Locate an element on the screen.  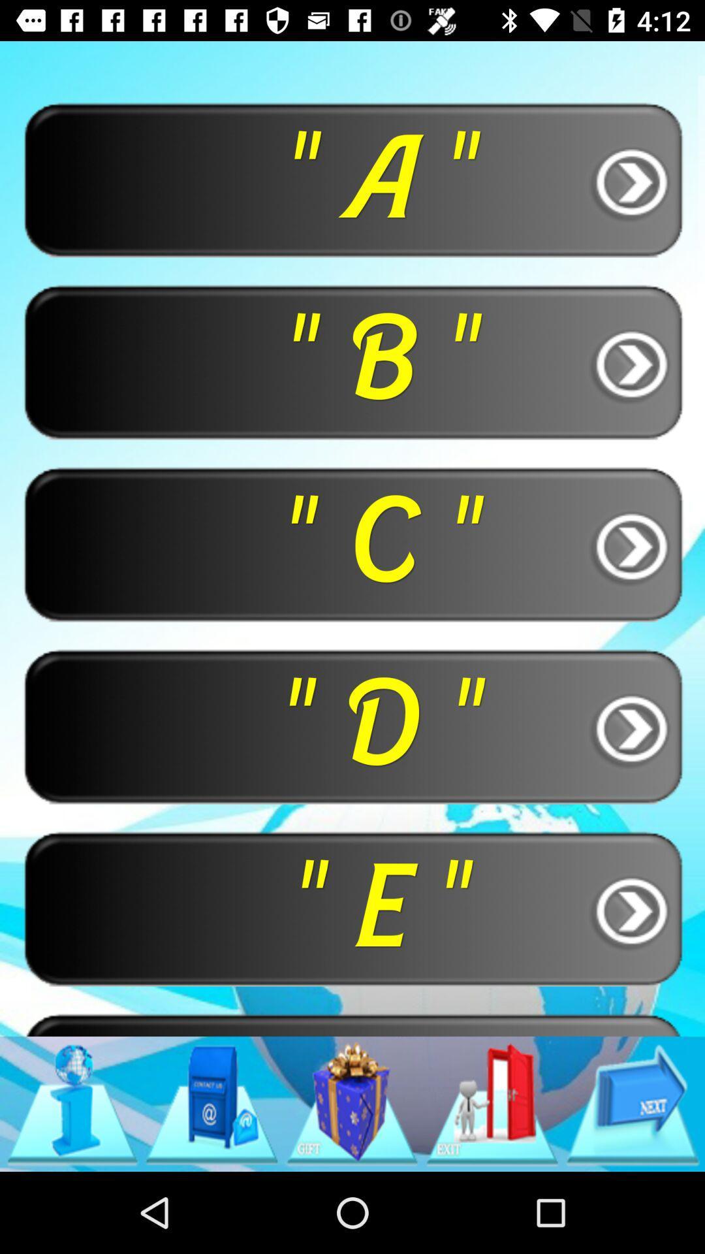
next is located at coordinates (632, 1103).